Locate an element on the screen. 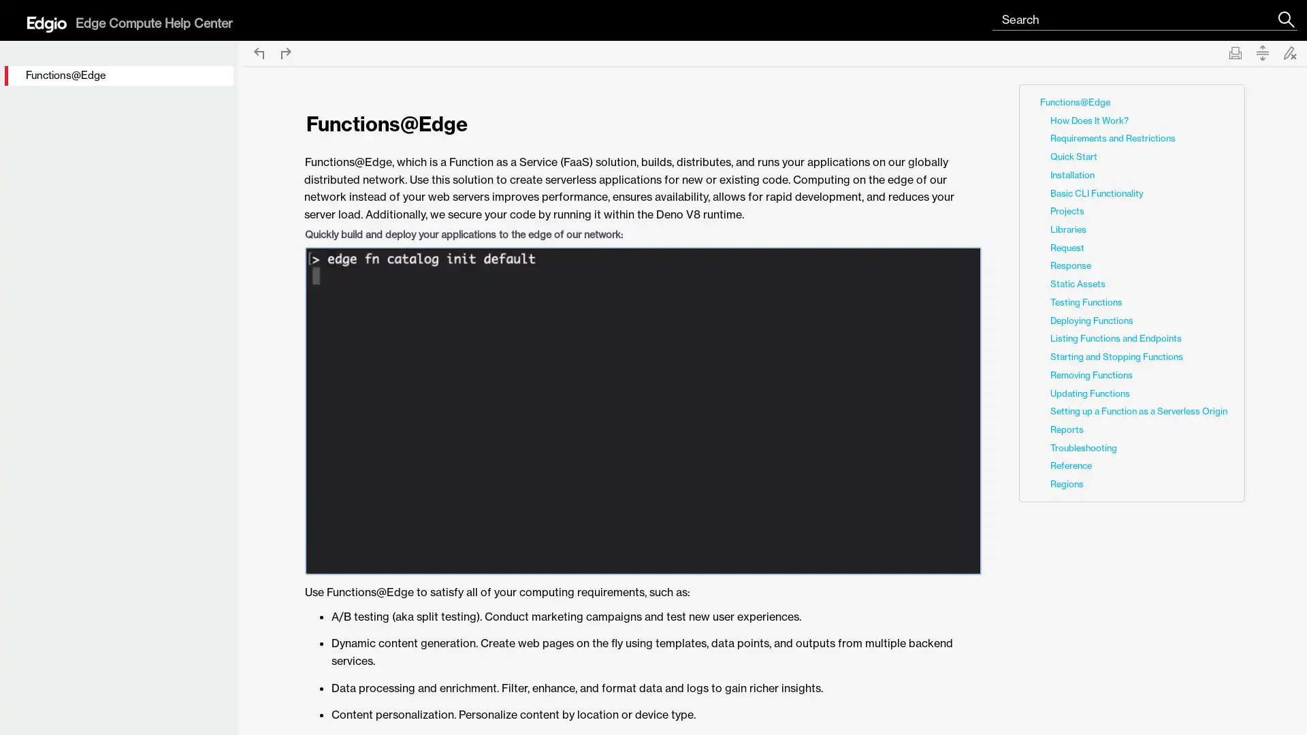 This screenshot has height=735, width=1307. next topic is located at coordinates (285, 52).